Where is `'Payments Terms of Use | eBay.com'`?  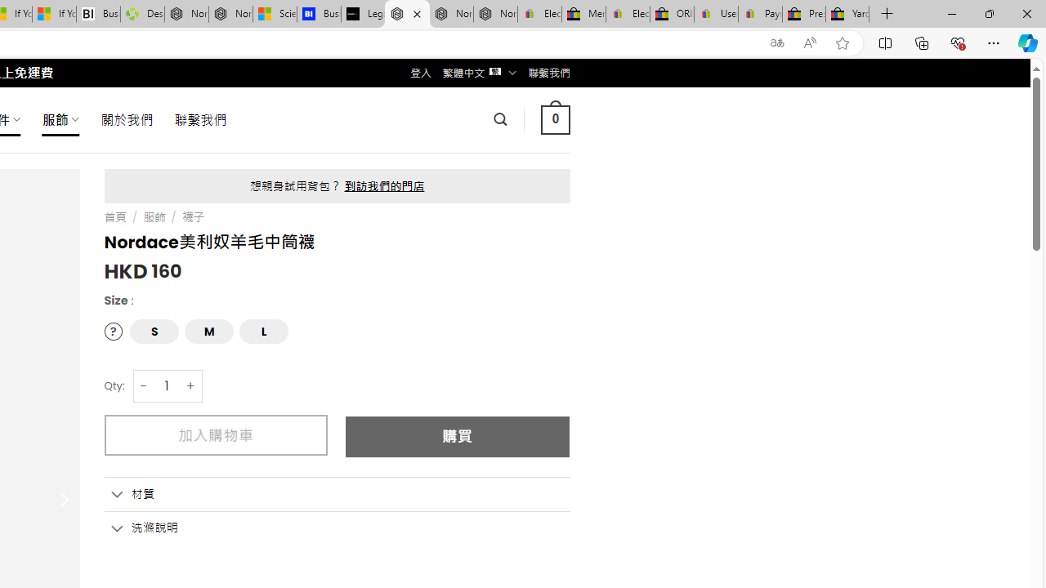 'Payments Terms of Use | eBay.com' is located at coordinates (759, 14).